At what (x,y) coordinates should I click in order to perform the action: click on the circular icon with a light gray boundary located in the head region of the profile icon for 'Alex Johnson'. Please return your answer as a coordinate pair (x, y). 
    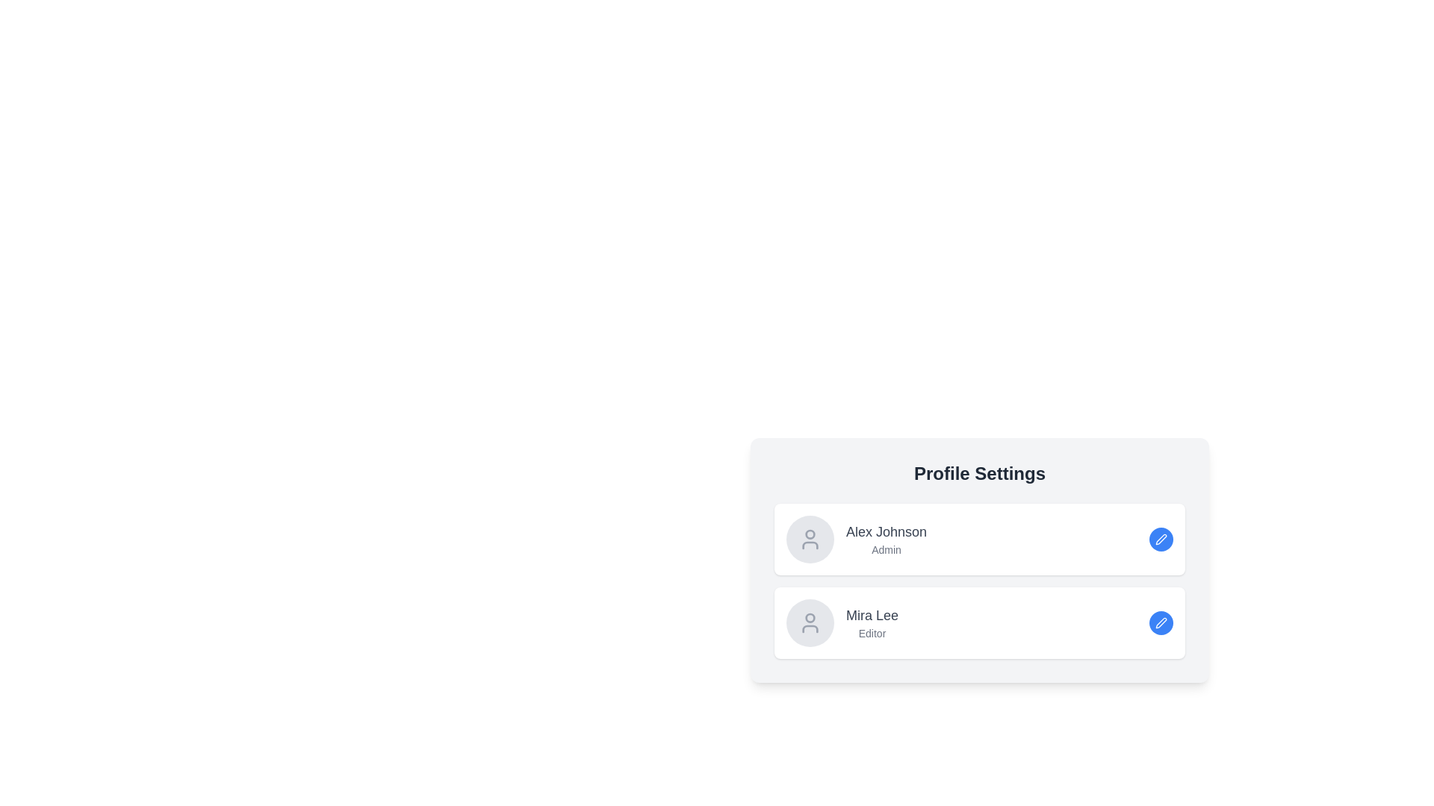
    Looking at the image, I should click on (809, 534).